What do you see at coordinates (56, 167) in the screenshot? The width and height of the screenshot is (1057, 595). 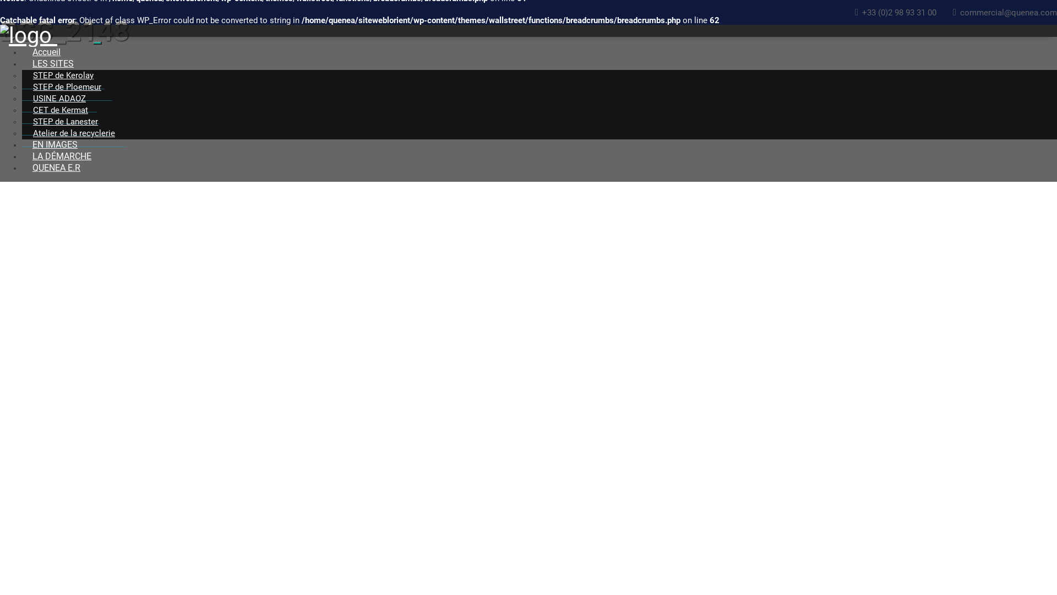 I see `'QUENEA E.R'` at bounding box center [56, 167].